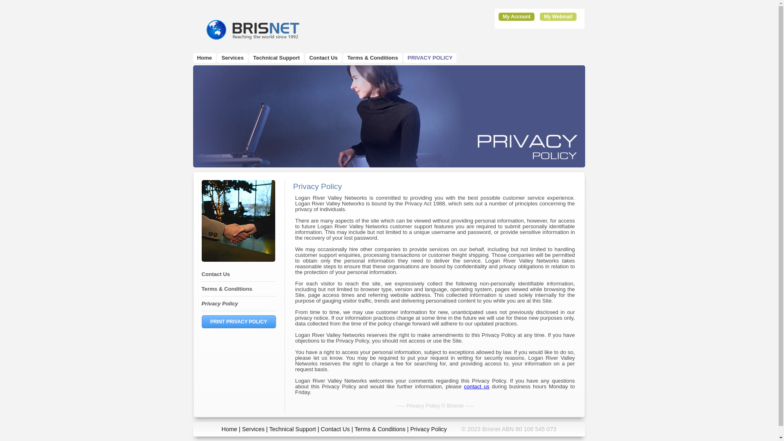 The height and width of the screenshot is (441, 784). What do you see at coordinates (253, 428) in the screenshot?
I see `'Services'` at bounding box center [253, 428].